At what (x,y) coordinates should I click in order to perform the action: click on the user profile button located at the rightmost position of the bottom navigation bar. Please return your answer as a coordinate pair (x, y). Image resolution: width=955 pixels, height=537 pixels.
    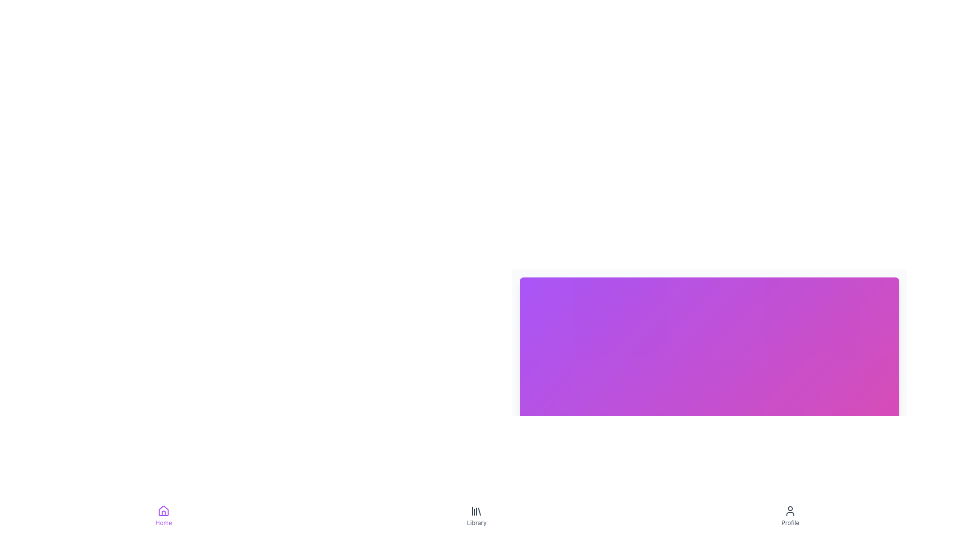
    Looking at the image, I should click on (790, 515).